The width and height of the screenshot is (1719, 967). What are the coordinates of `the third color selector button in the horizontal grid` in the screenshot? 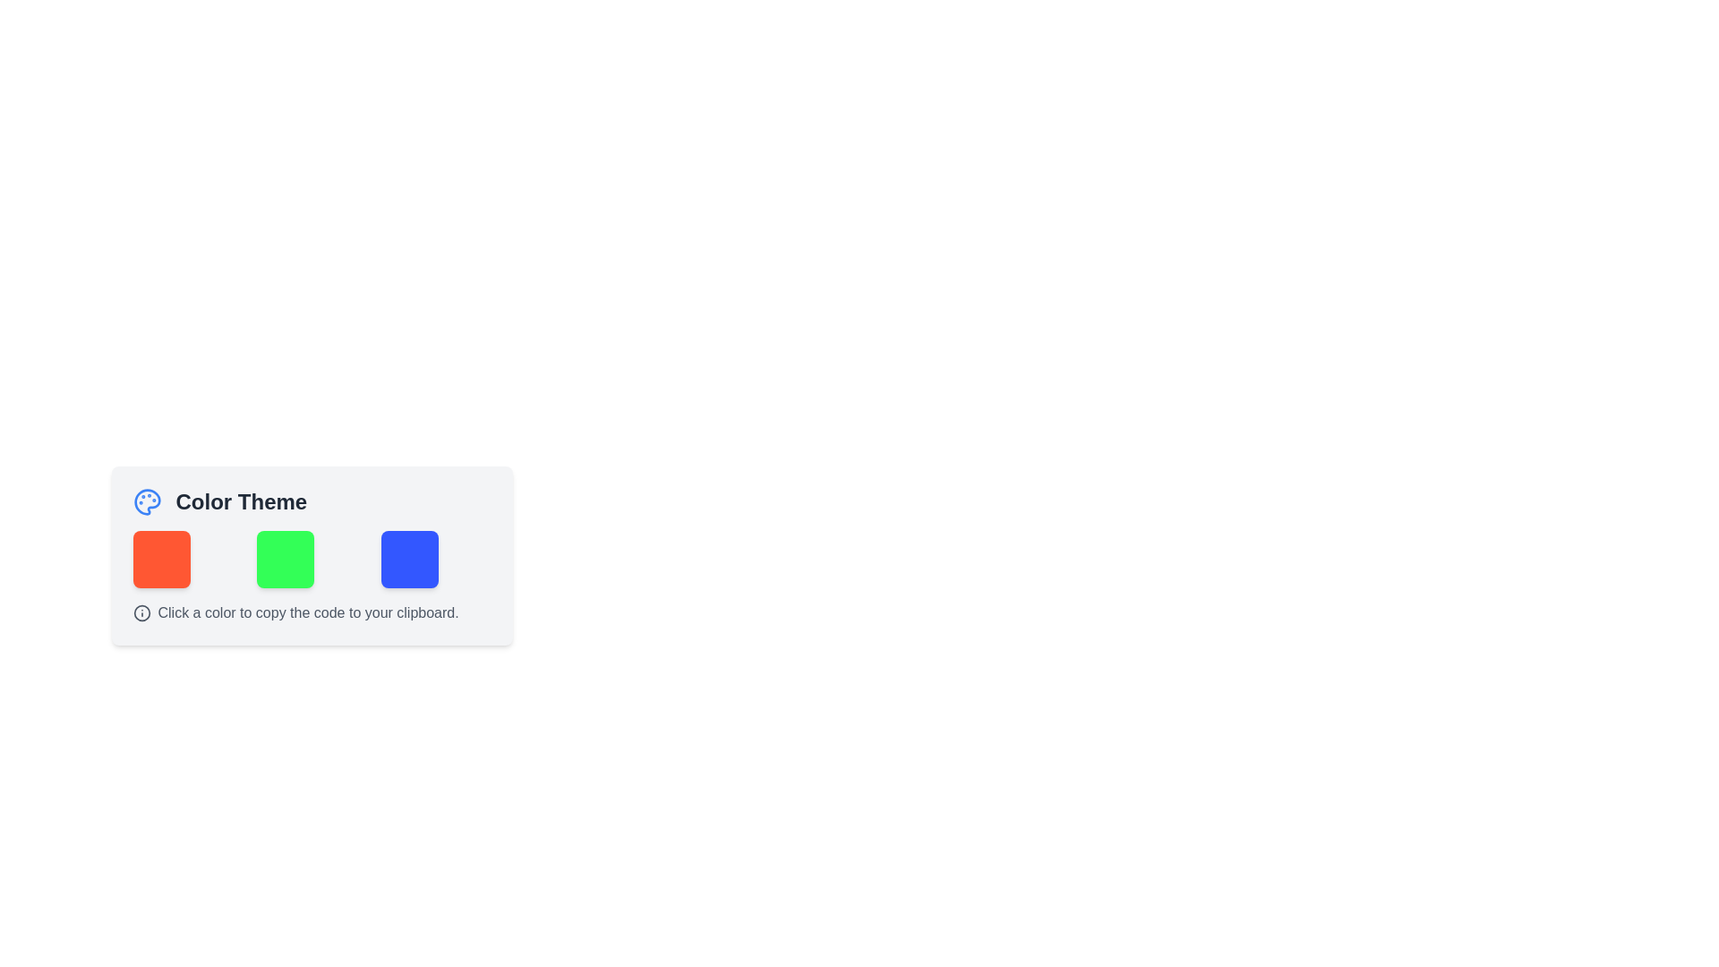 It's located at (408, 558).